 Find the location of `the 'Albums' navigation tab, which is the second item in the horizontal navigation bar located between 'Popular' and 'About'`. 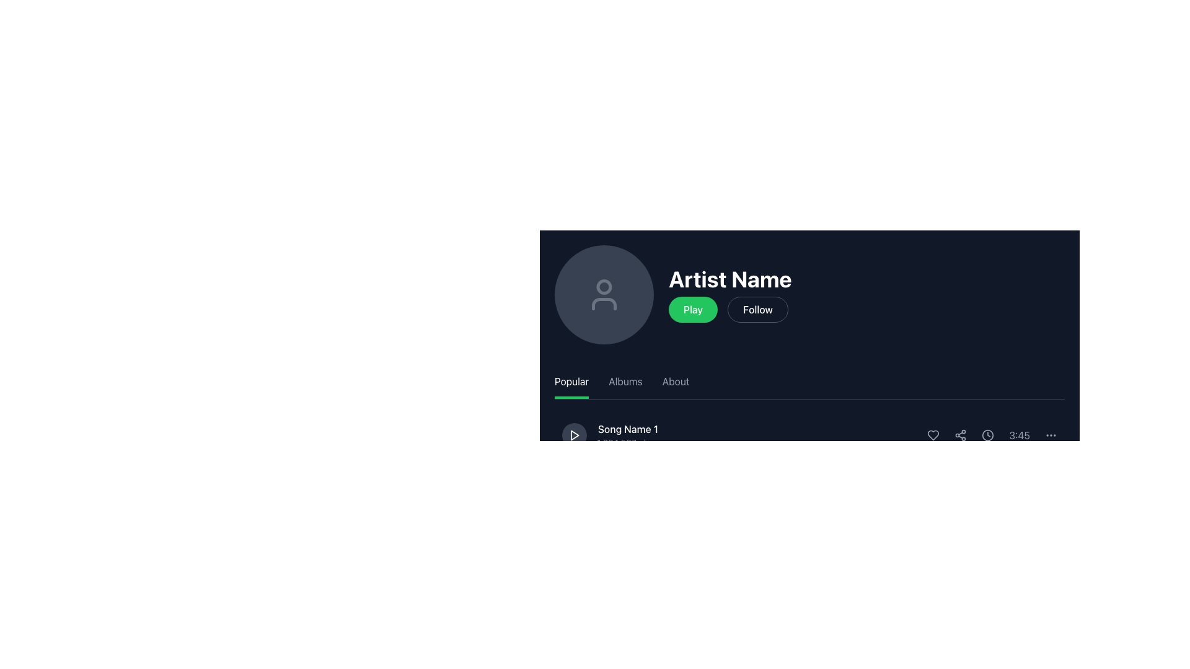

the 'Albums' navigation tab, which is the second item in the horizontal navigation bar located between 'Popular' and 'About' is located at coordinates (625, 381).